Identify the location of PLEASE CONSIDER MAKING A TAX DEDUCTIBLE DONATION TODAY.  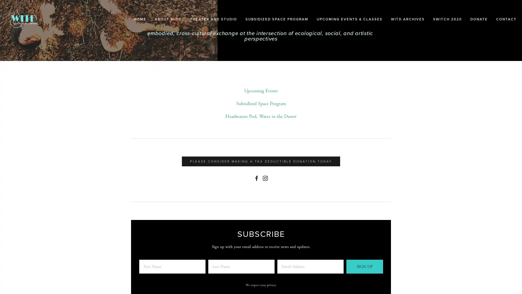
(261, 161).